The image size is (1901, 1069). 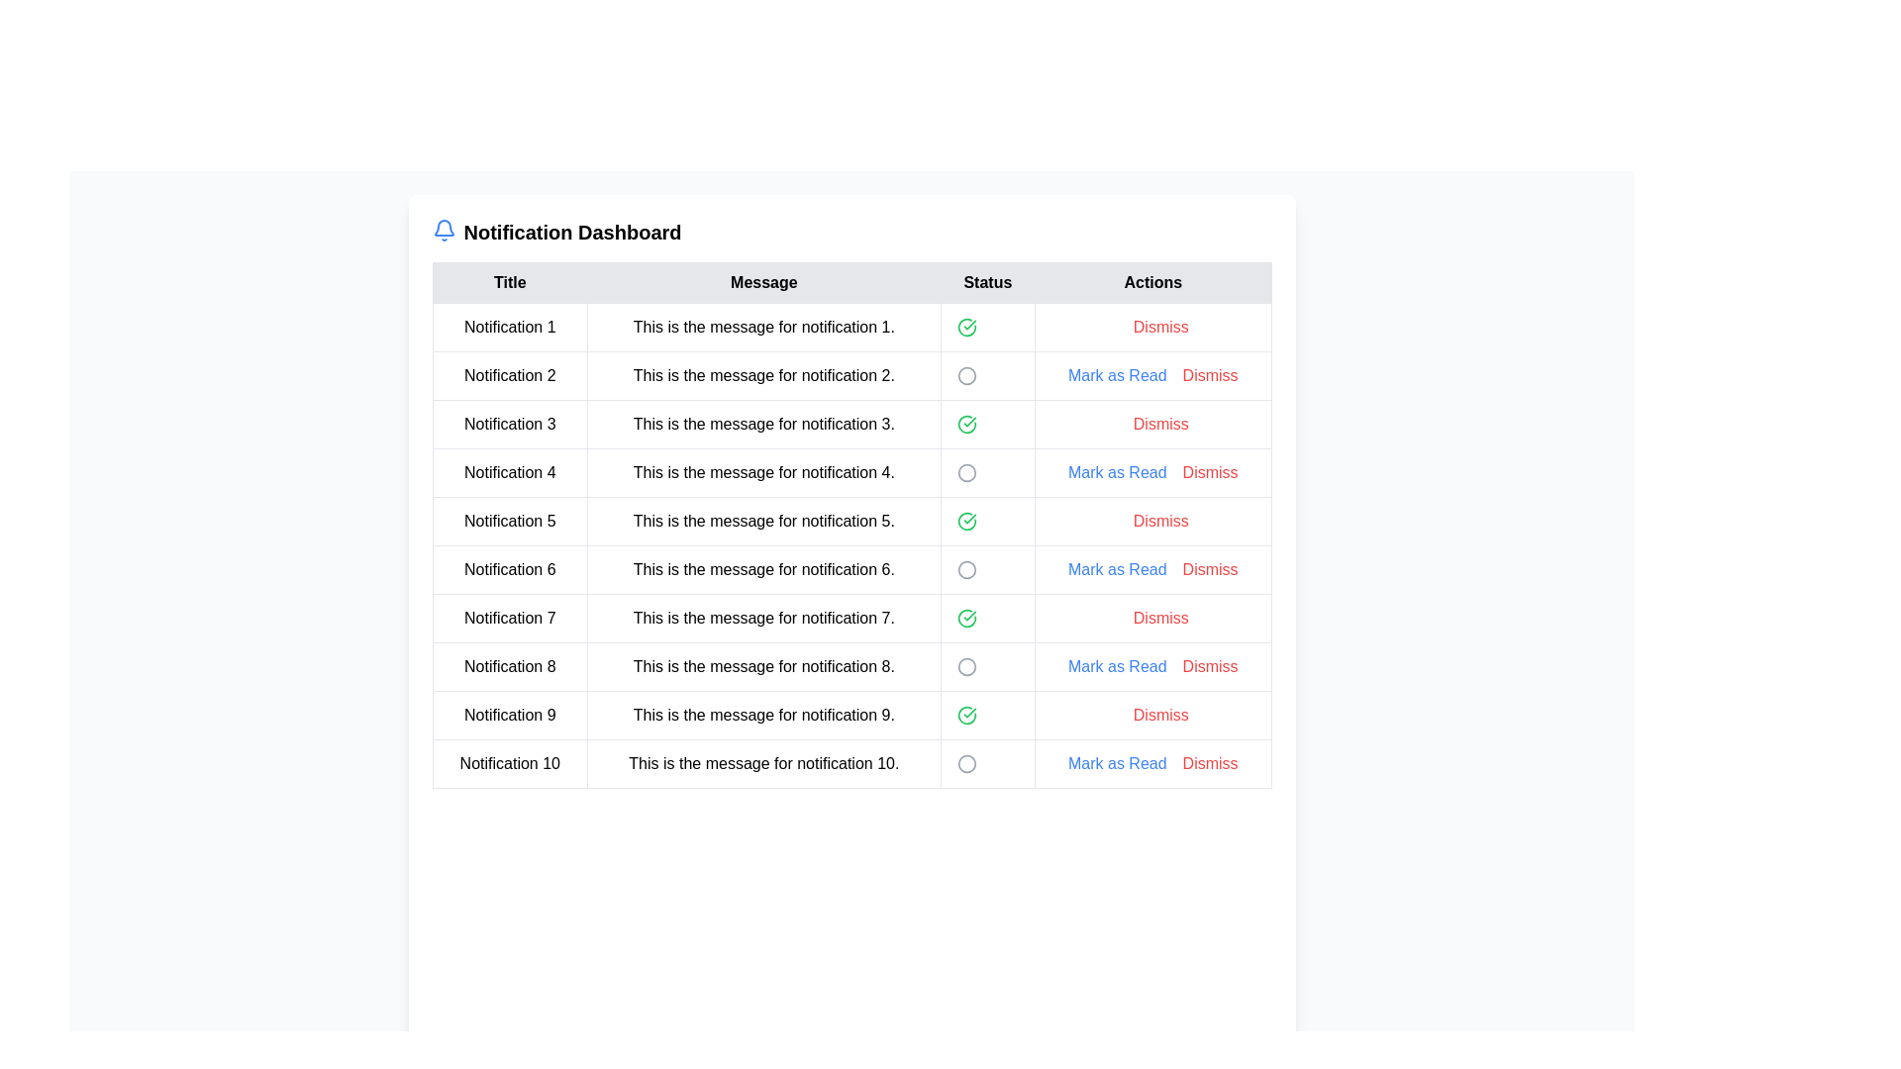 I want to click on the 'Mark as Read' button in the 10th row of the notification dashboard to mark the notification as read, so click(x=851, y=762).